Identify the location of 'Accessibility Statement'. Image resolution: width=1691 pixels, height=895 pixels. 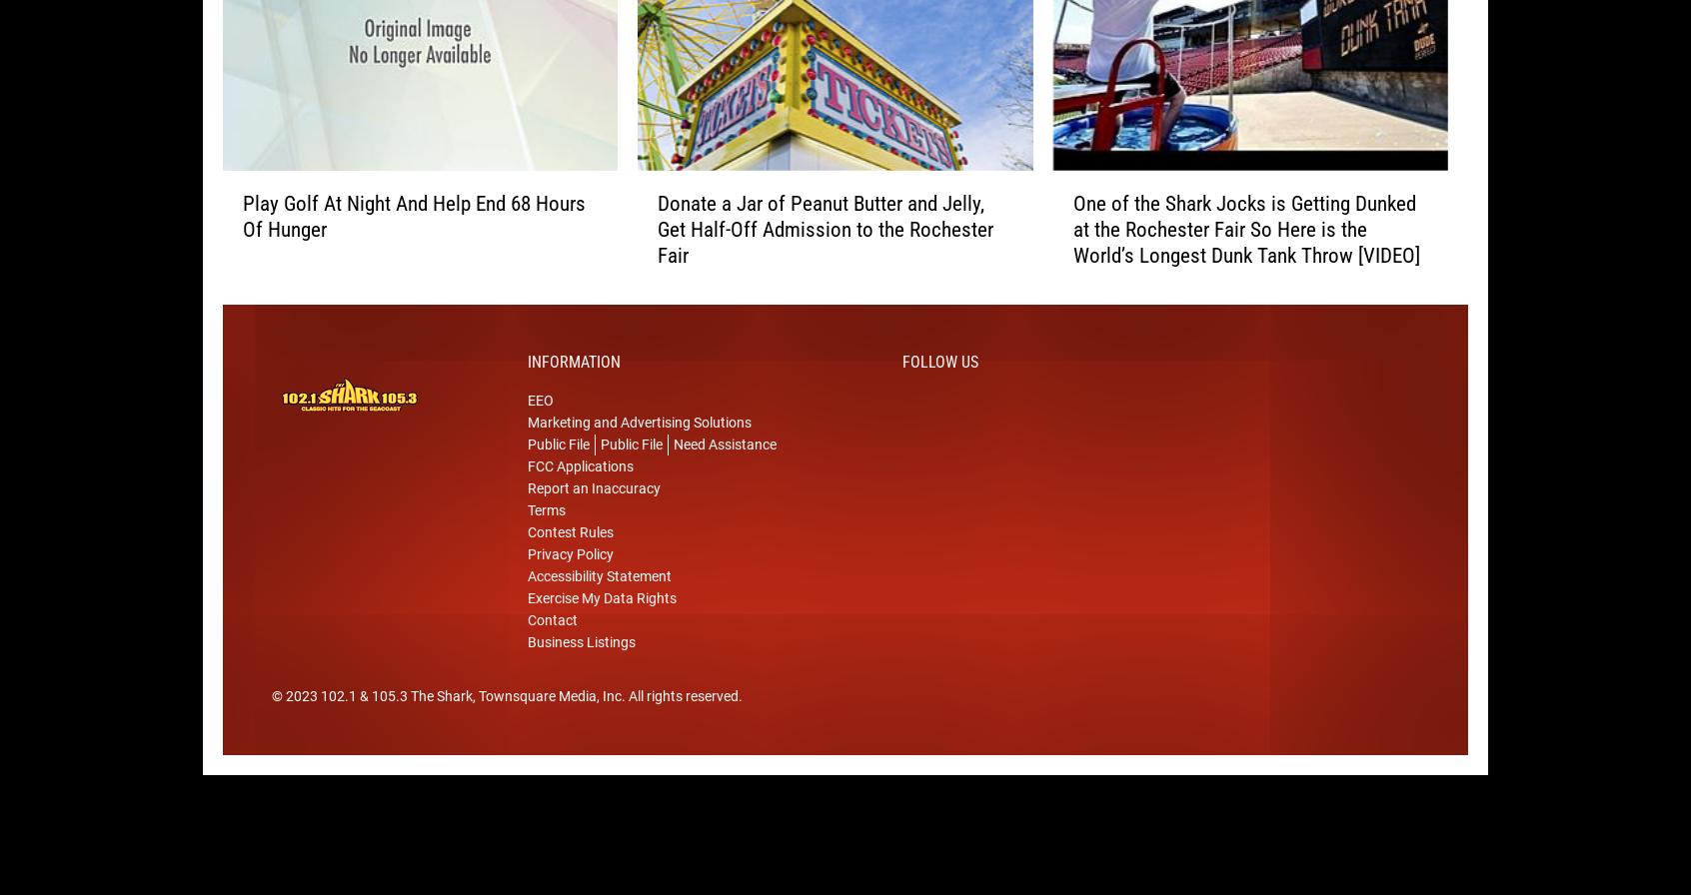
(598, 607).